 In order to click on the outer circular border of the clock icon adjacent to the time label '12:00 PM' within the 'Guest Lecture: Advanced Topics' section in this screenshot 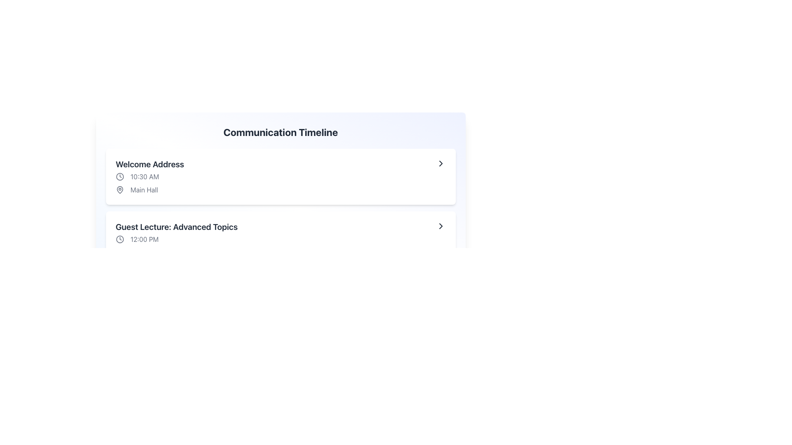, I will do `click(119, 239)`.